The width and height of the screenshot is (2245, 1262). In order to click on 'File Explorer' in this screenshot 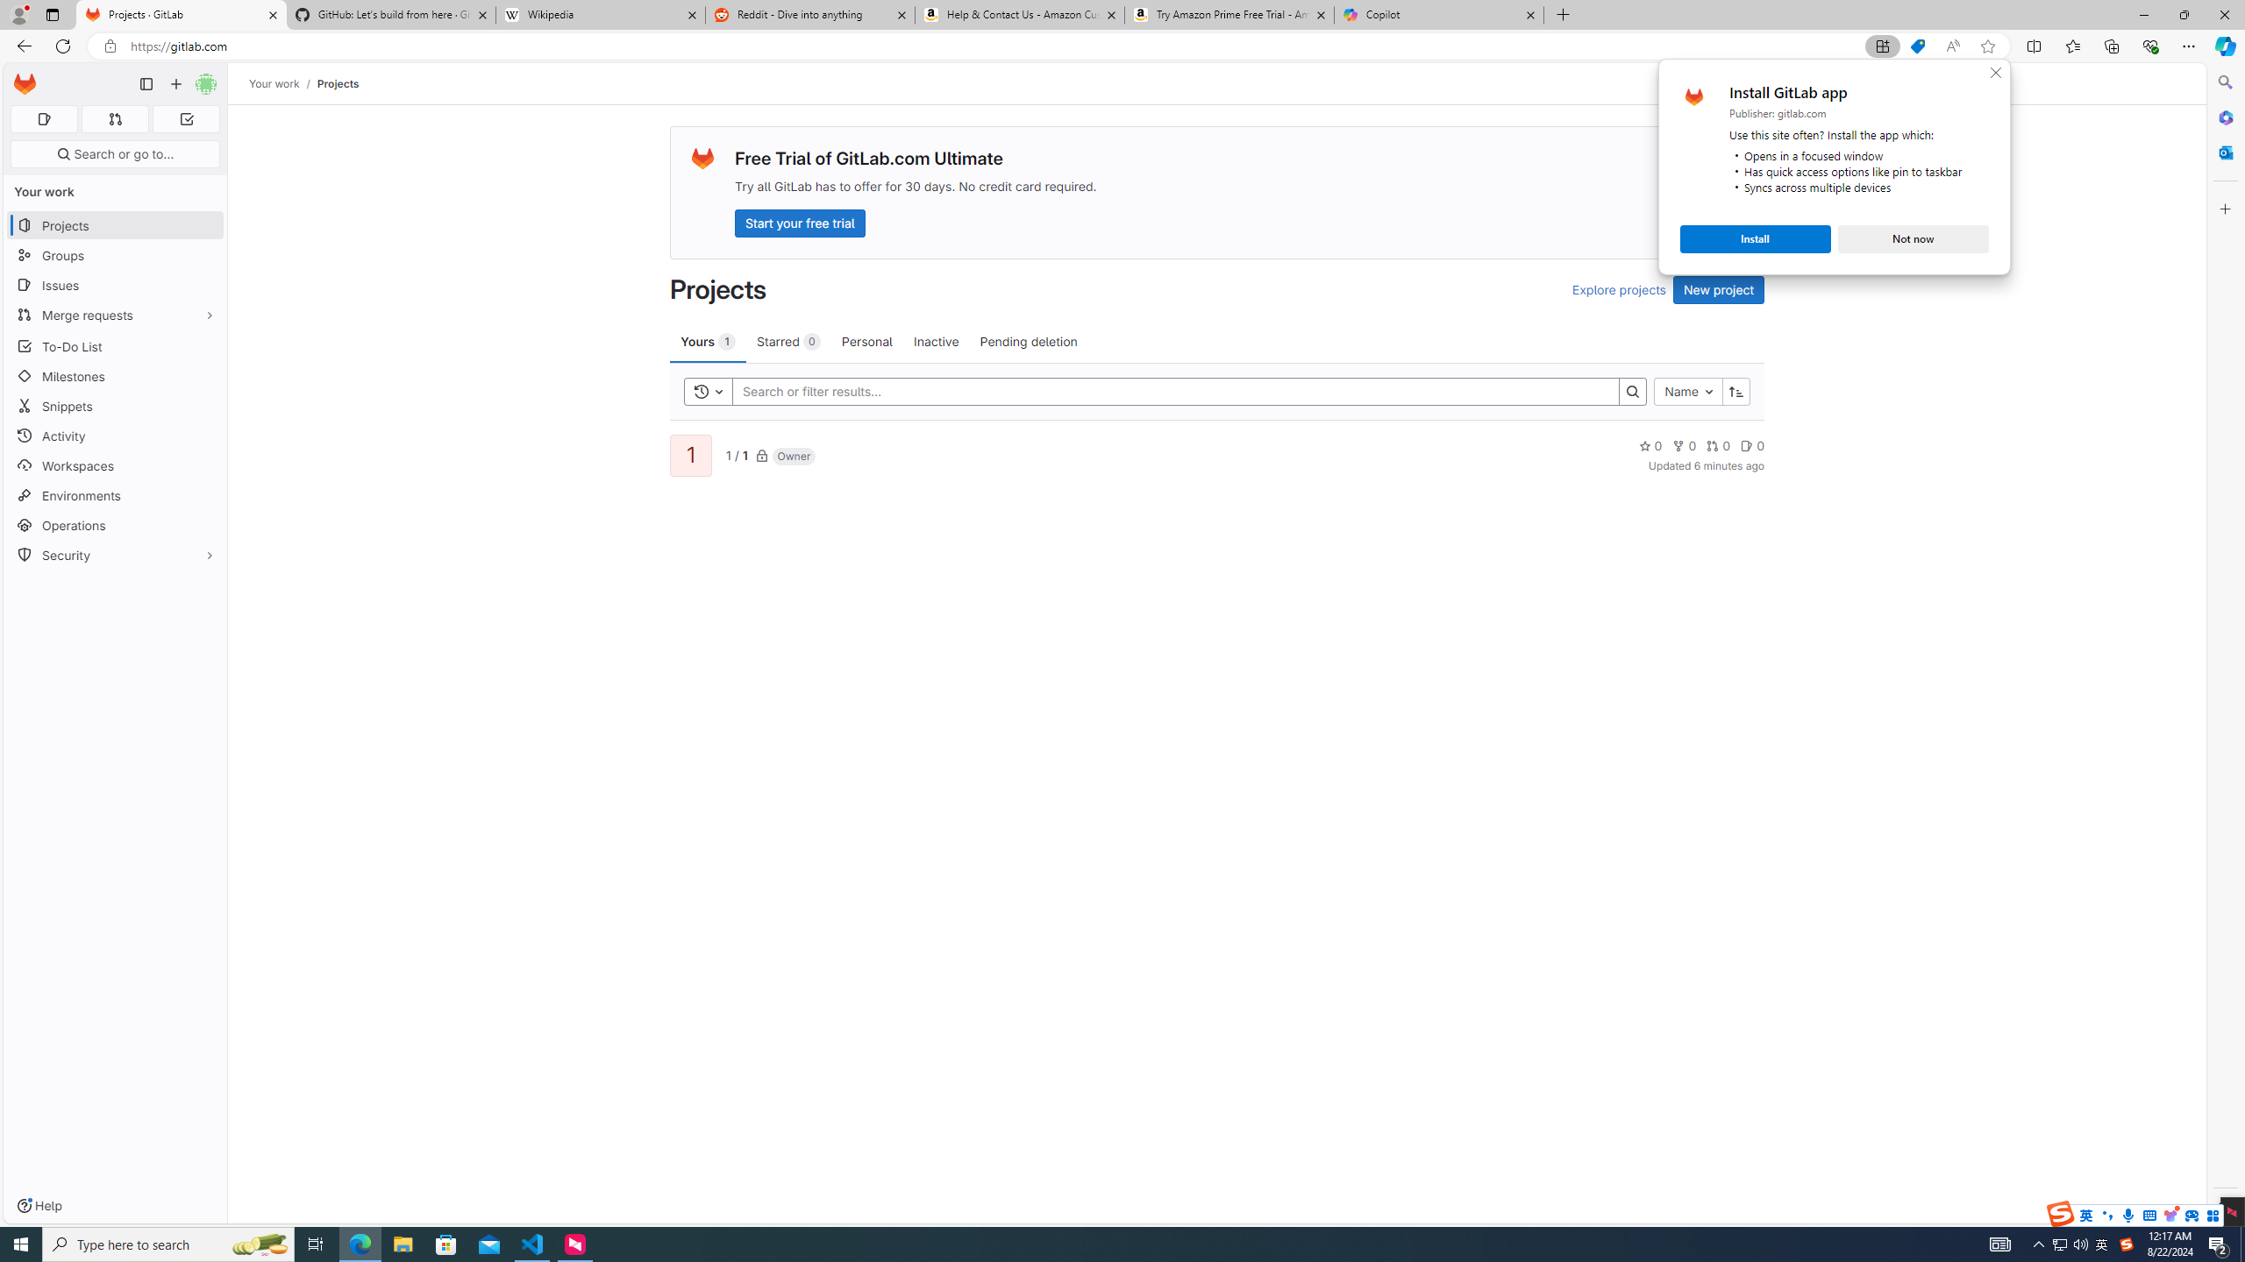, I will do `click(402, 1243)`.